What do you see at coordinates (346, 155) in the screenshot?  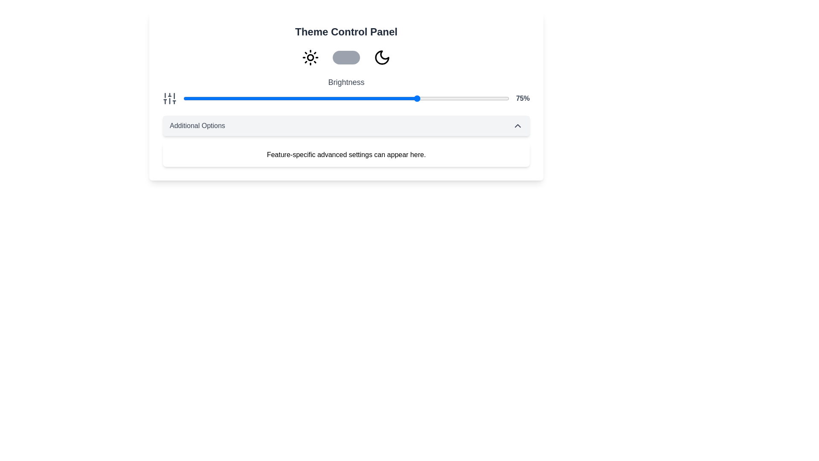 I see `the Informational text box located directly below the 'Additional Options' section` at bounding box center [346, 155].